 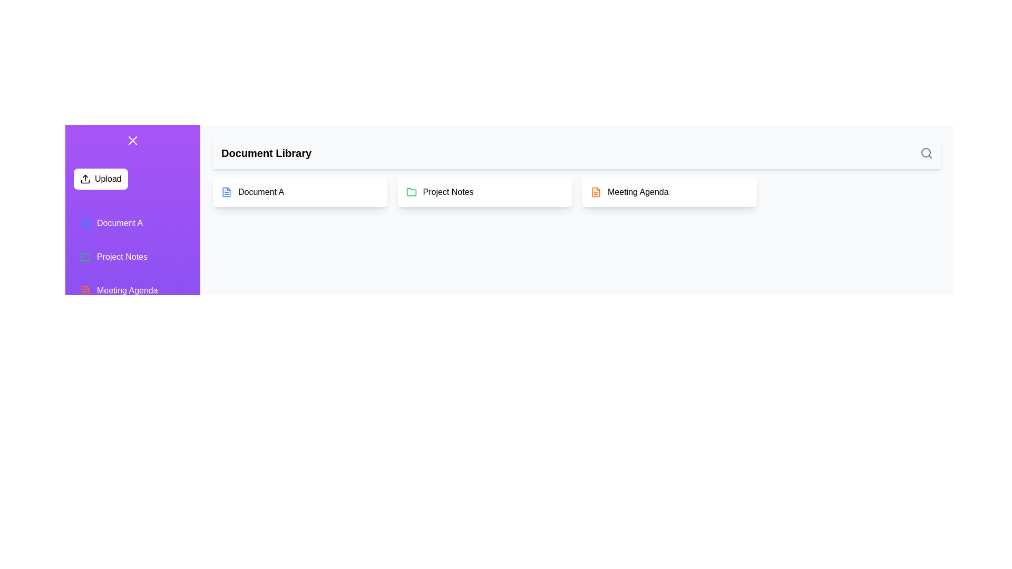 What do you see at coordinates (299, 192) in the screenshot?
I see `the document Document A from the list` at bounding box center [299, 192].